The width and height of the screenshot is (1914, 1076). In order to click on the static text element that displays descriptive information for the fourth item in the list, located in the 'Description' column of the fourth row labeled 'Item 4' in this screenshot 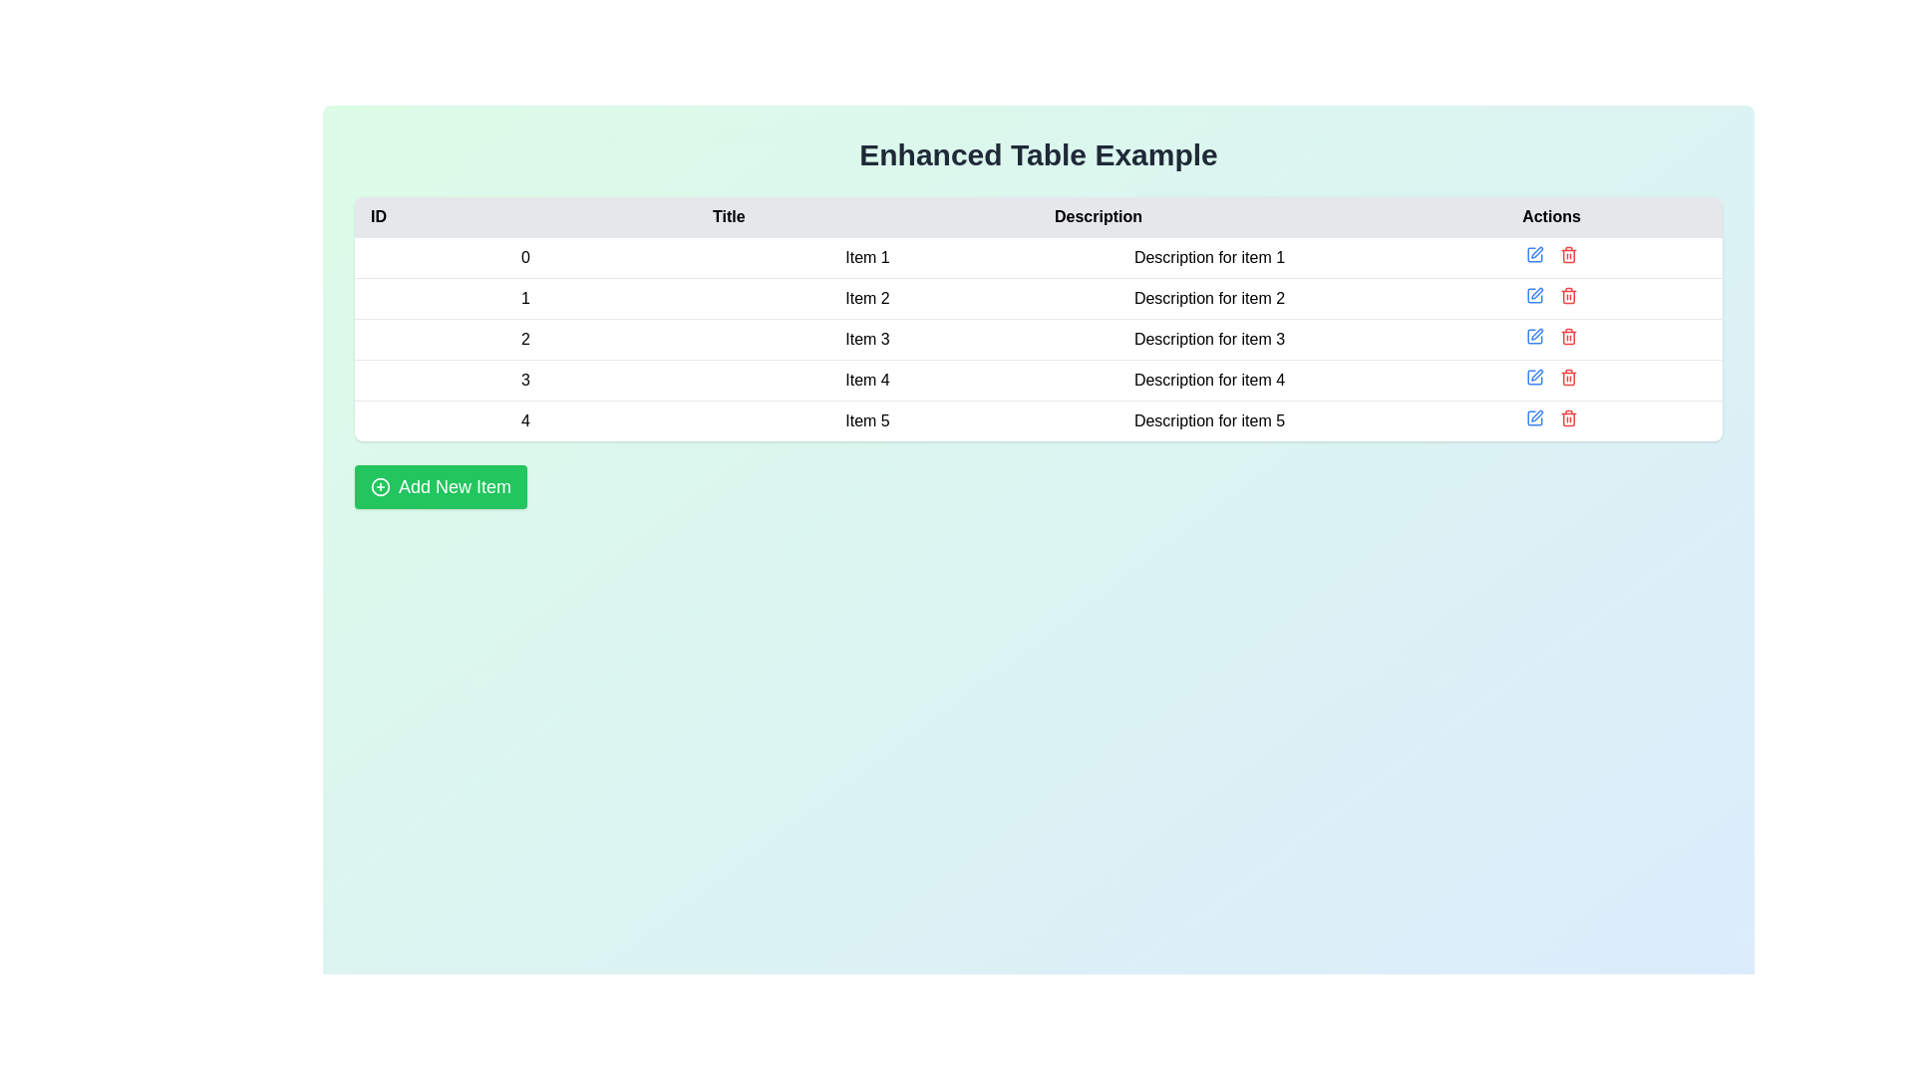, I will do `click(1208, 380)`.